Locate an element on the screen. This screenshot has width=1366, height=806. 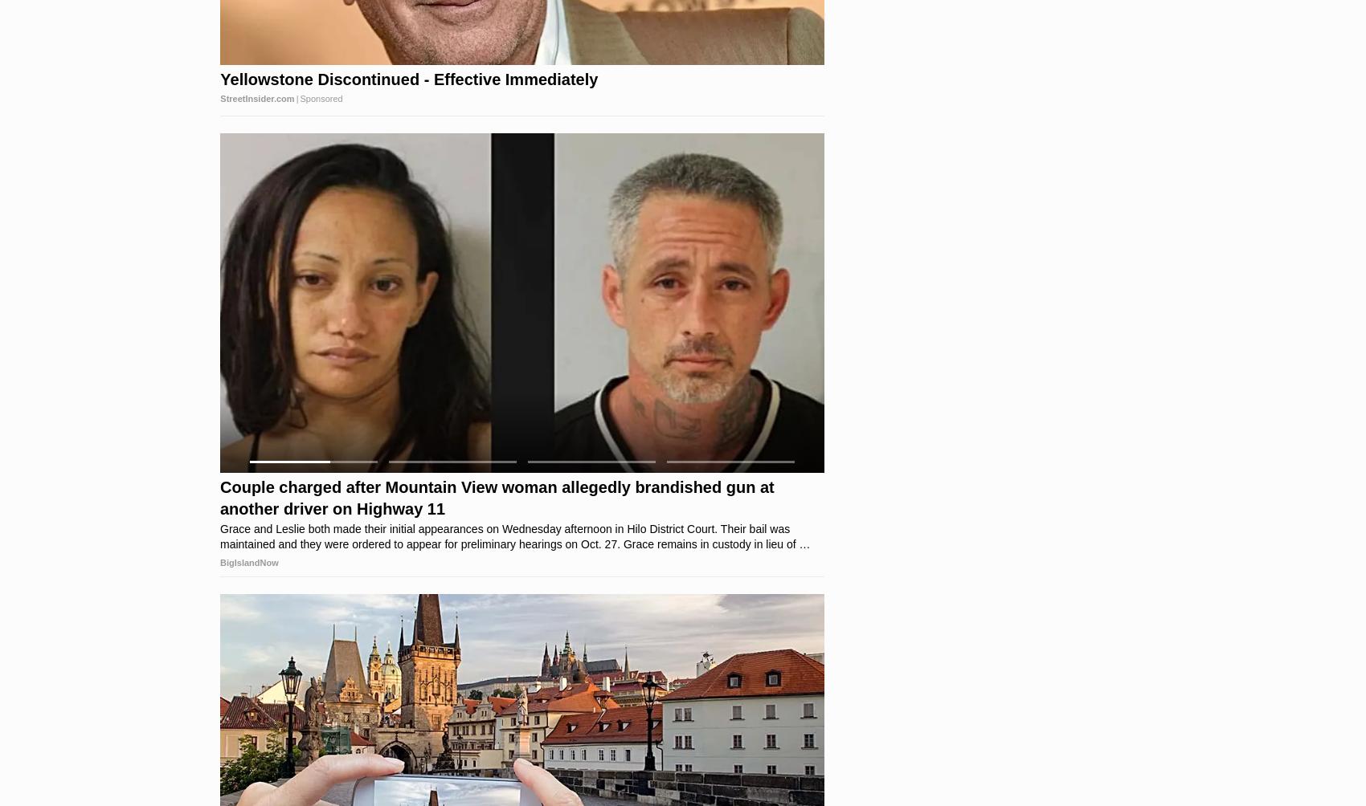
'$7.4 million awarded to Hawai‘i to help low-income households with home energy costs' is located at coordinates (220, 498).